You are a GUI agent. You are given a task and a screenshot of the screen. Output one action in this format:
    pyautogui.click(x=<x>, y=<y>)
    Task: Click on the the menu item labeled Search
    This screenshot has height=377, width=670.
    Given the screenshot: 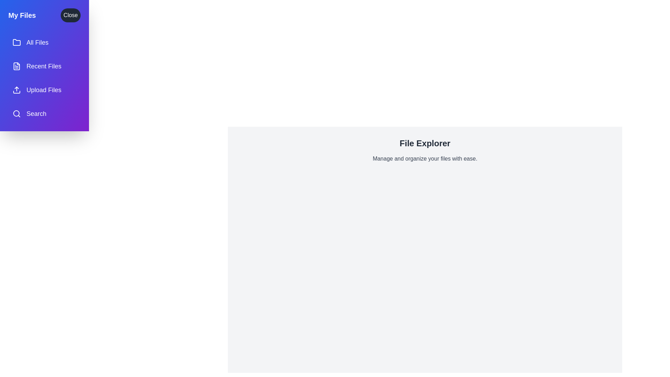 What is the action you would take?
    pyautogui.click(x=44, y=113)
    